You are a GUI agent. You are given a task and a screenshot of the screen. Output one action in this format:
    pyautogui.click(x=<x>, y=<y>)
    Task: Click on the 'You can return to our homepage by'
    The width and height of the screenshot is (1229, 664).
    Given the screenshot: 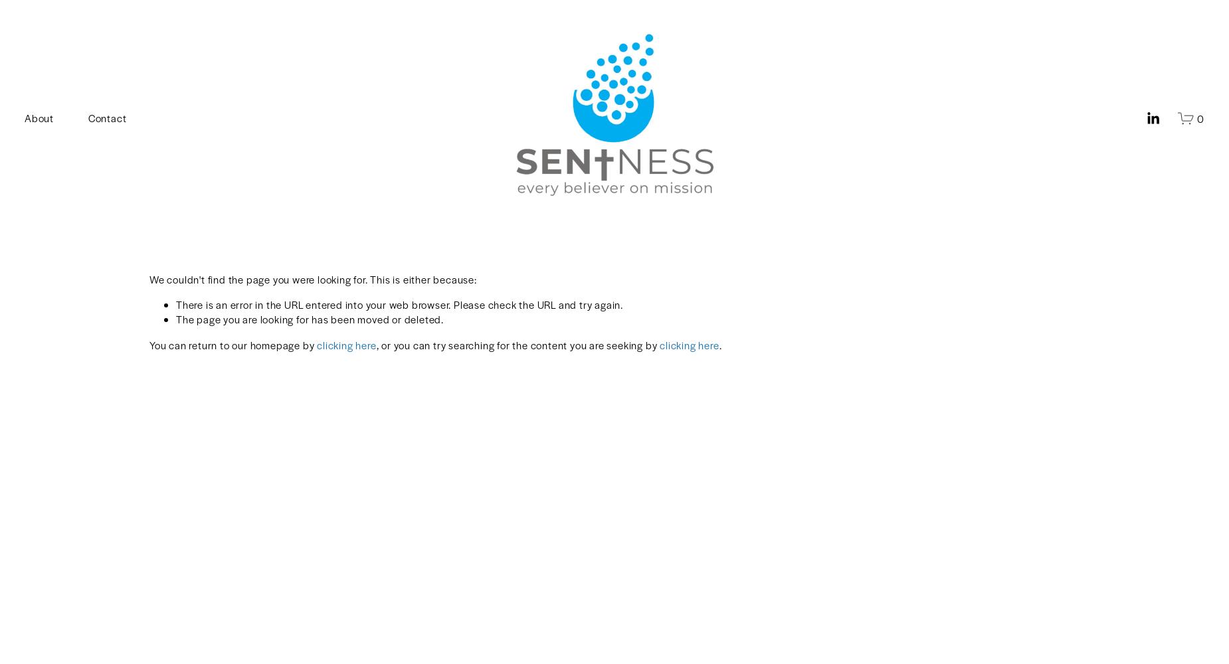 What is the action you would take?
    pyautogui.click(x=232, y=344)
    